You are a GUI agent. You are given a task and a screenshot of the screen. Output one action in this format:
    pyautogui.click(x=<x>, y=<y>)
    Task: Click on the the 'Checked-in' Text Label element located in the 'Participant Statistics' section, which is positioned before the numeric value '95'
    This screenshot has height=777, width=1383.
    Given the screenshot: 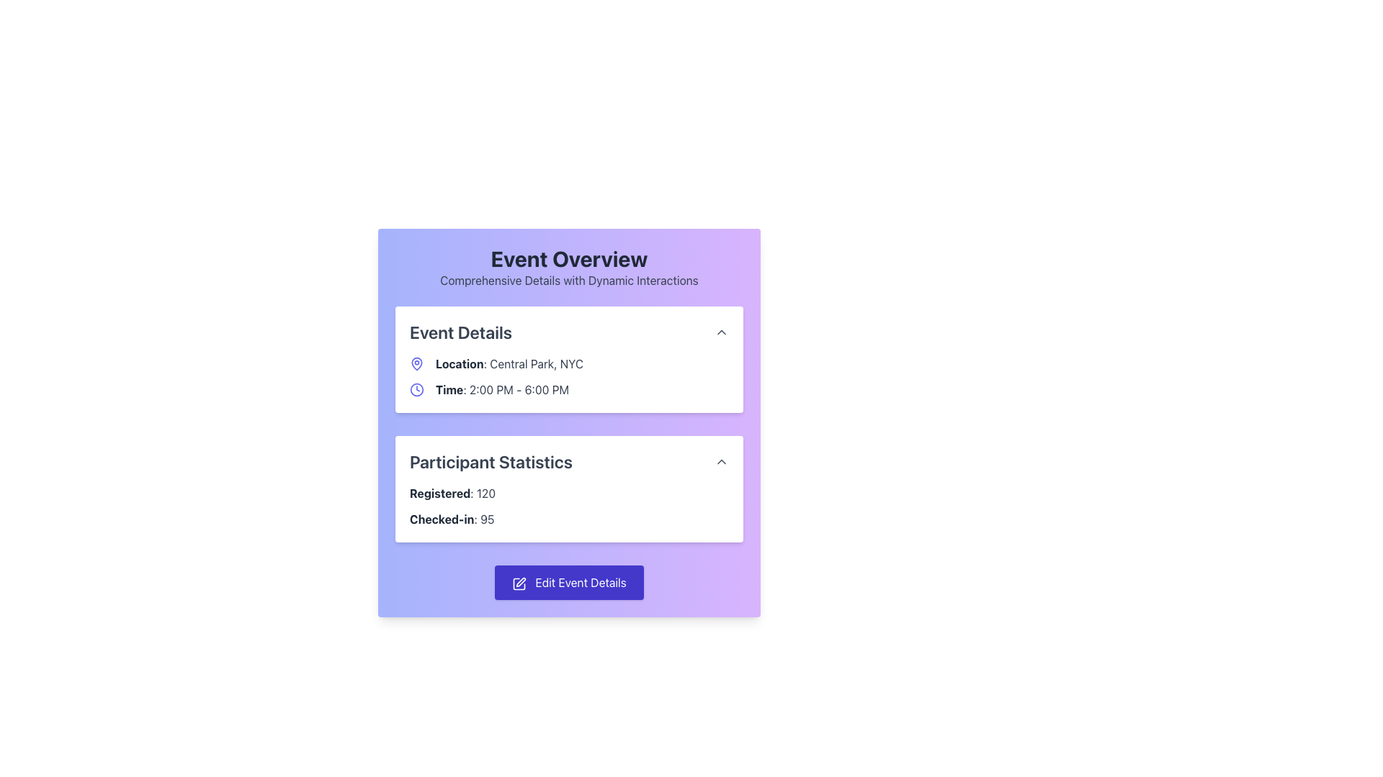 What is the action you would take?
    pyautogui.click(x=441, y=519)
    